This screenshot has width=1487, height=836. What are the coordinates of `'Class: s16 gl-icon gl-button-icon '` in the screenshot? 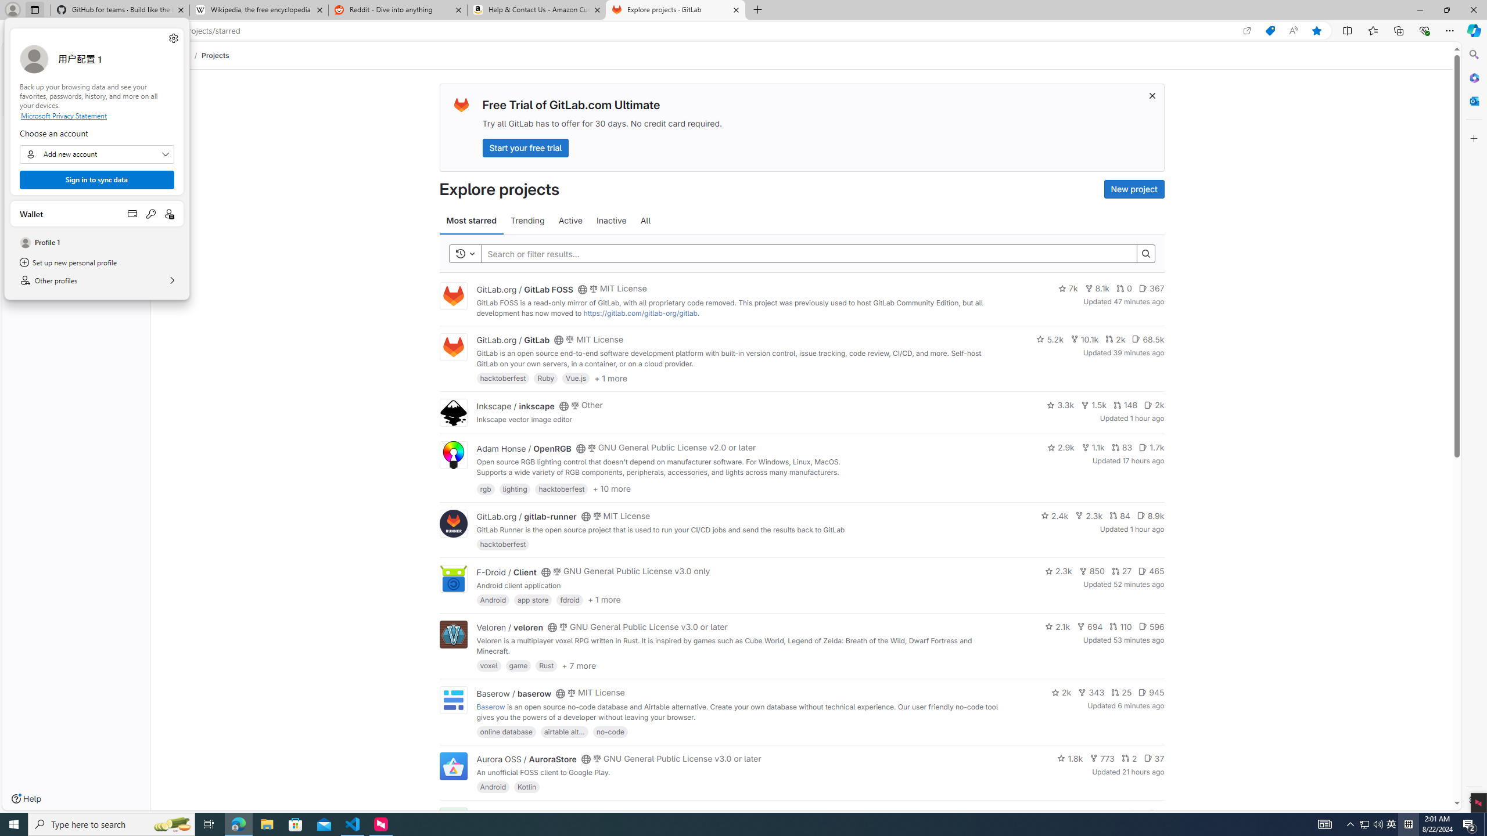 It's located at (1151, 95).